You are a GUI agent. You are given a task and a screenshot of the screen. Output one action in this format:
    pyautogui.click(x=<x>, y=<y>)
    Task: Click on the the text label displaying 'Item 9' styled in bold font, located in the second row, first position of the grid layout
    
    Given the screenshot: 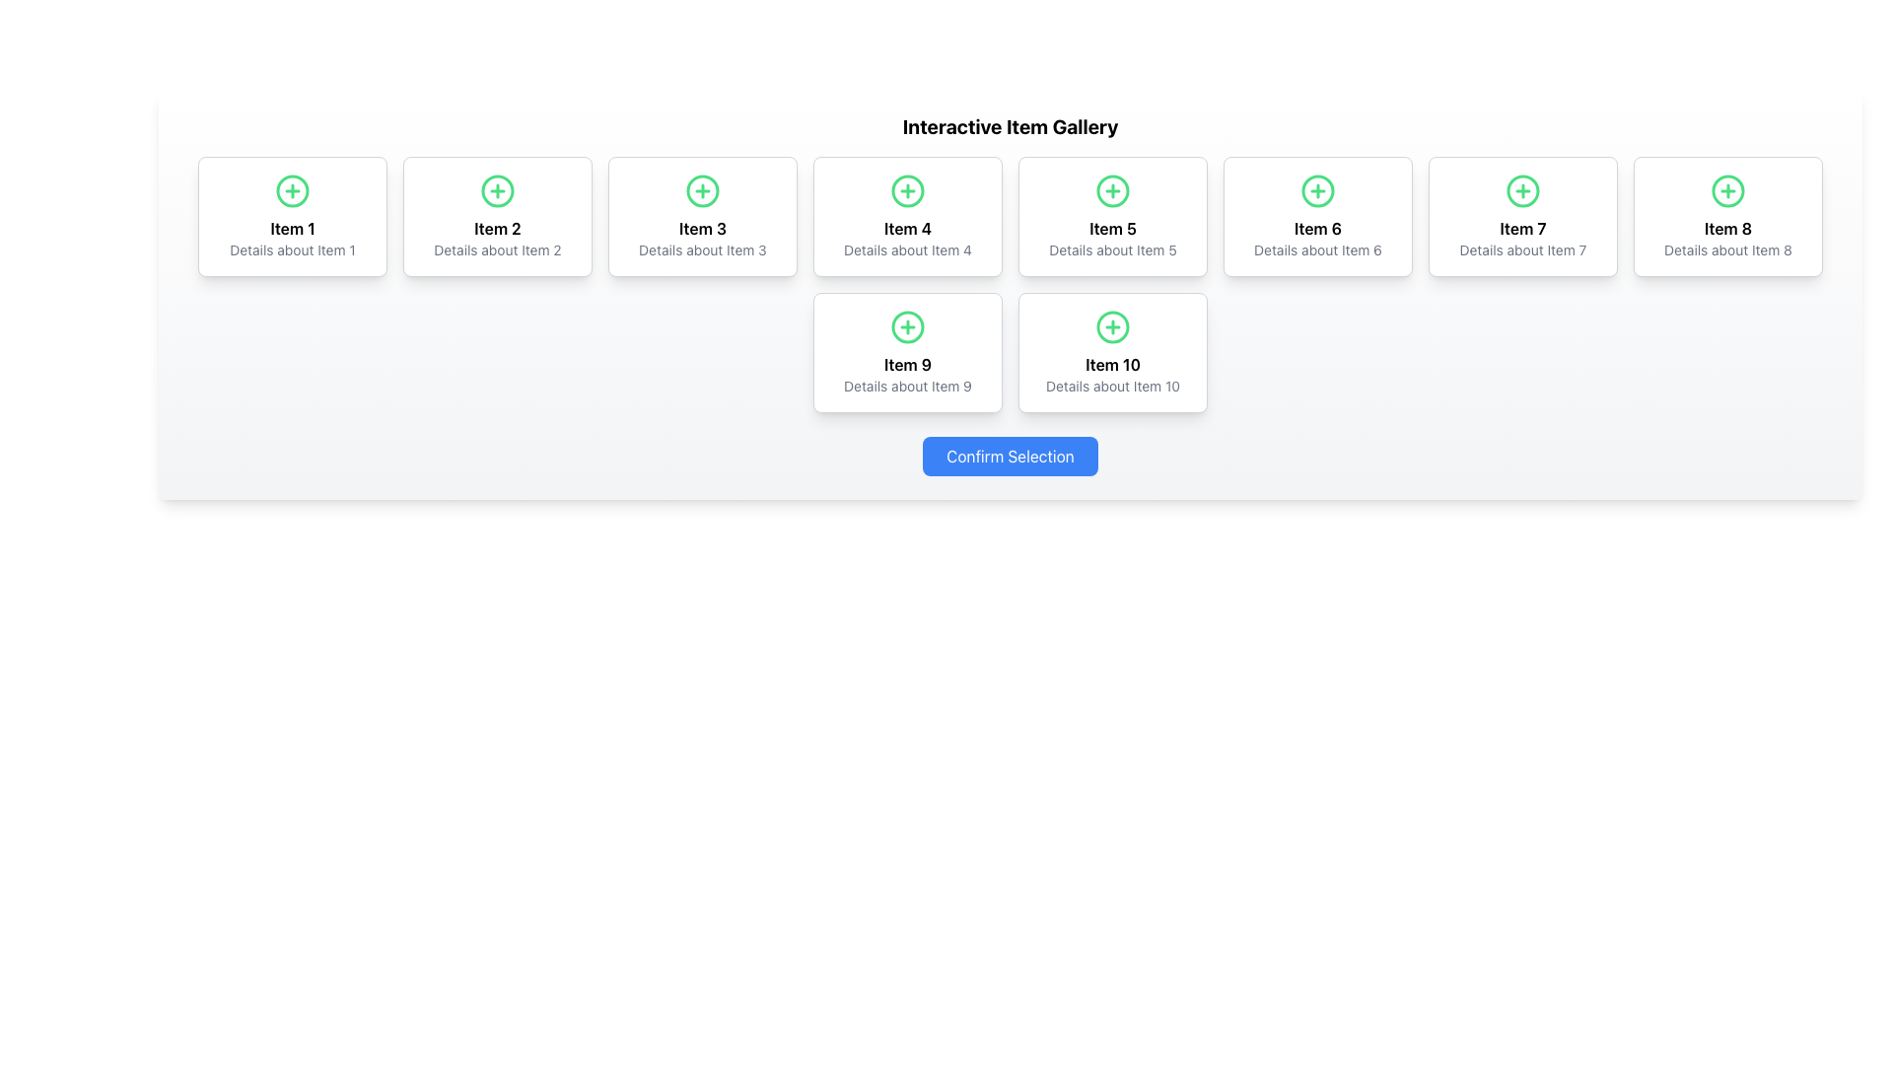 What is the action you would take?
    pyautogui.click(x=907, y=365)
    